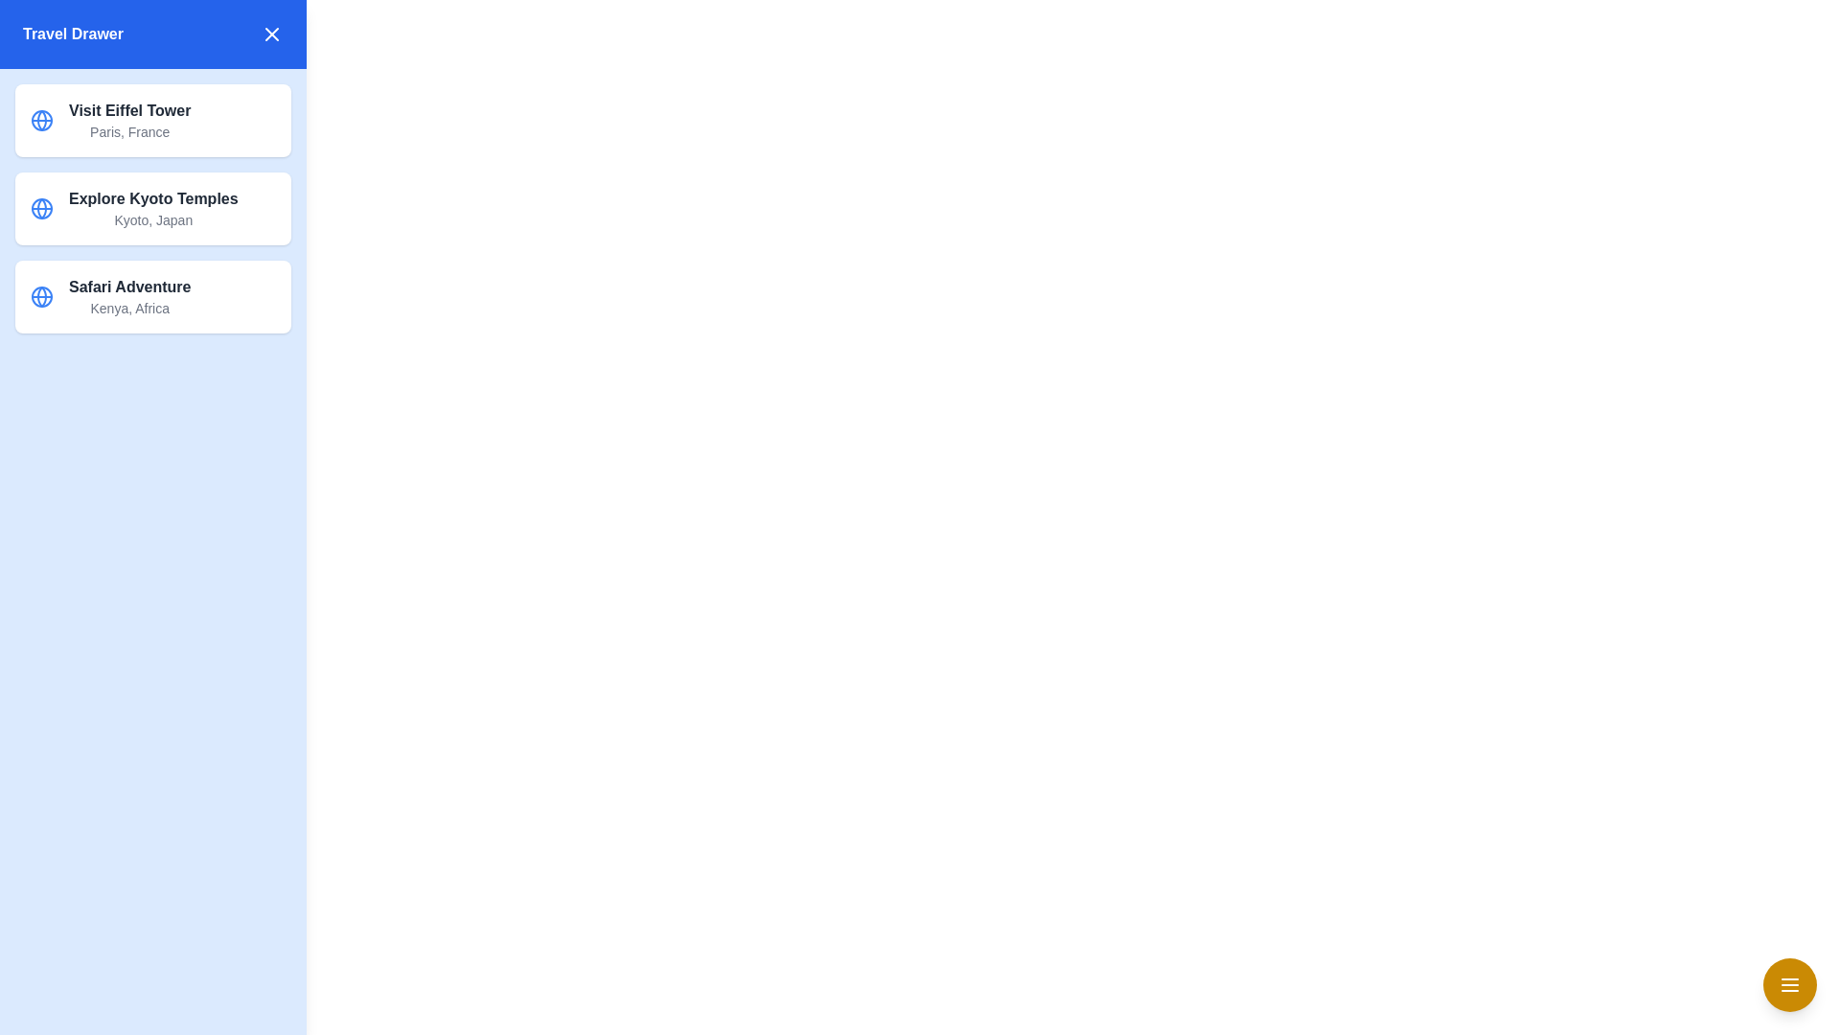 The height and width of the screenshot is (1035, 1840). I want to click on the close icon button located at the top-right corner of the 'Travel Drawer' blue header to observe visual feedback, so click(270, 34).